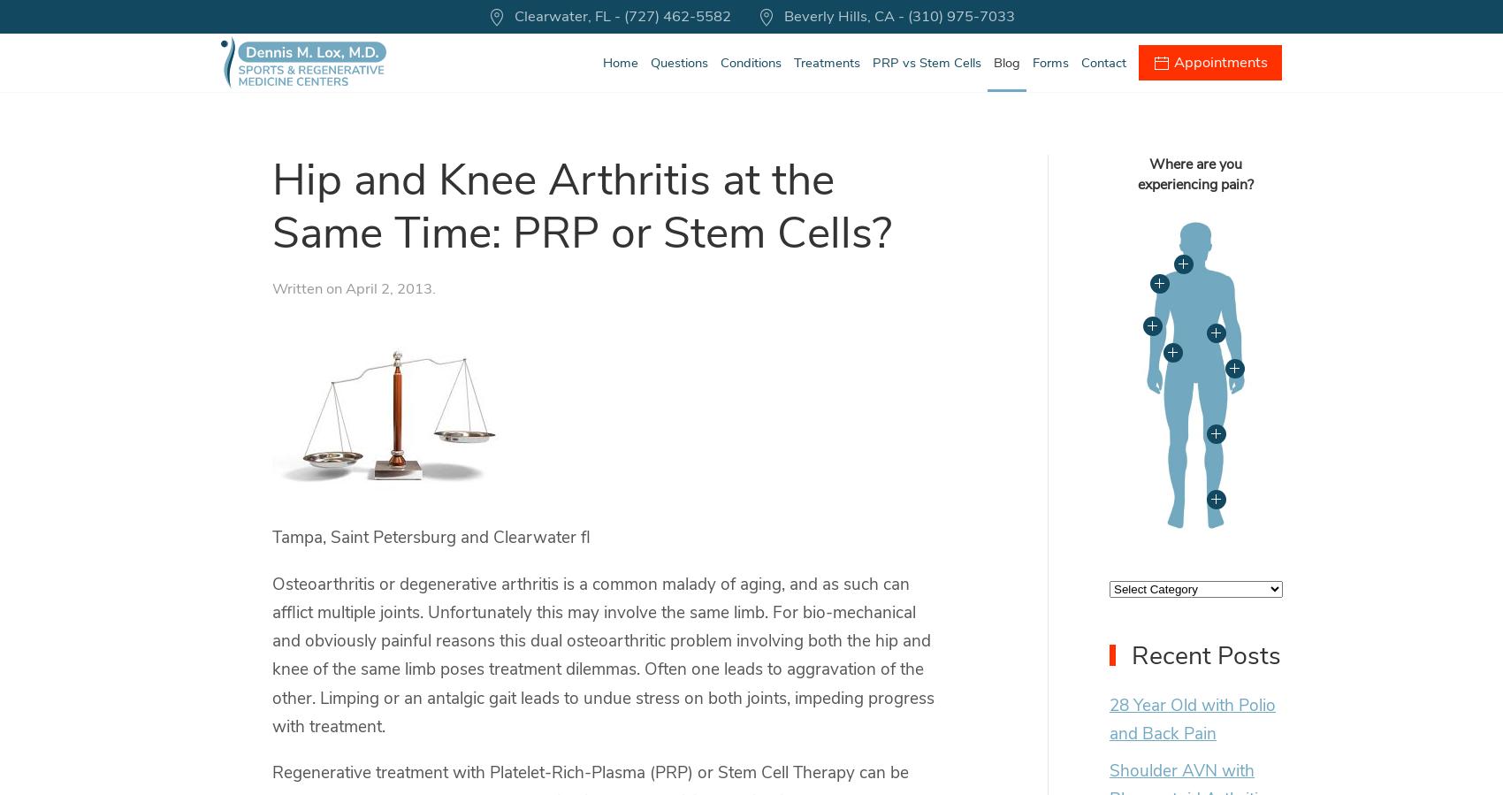  Describe the element at coordinates (432, 287) in the screenshot. I see `'.'` at that location.